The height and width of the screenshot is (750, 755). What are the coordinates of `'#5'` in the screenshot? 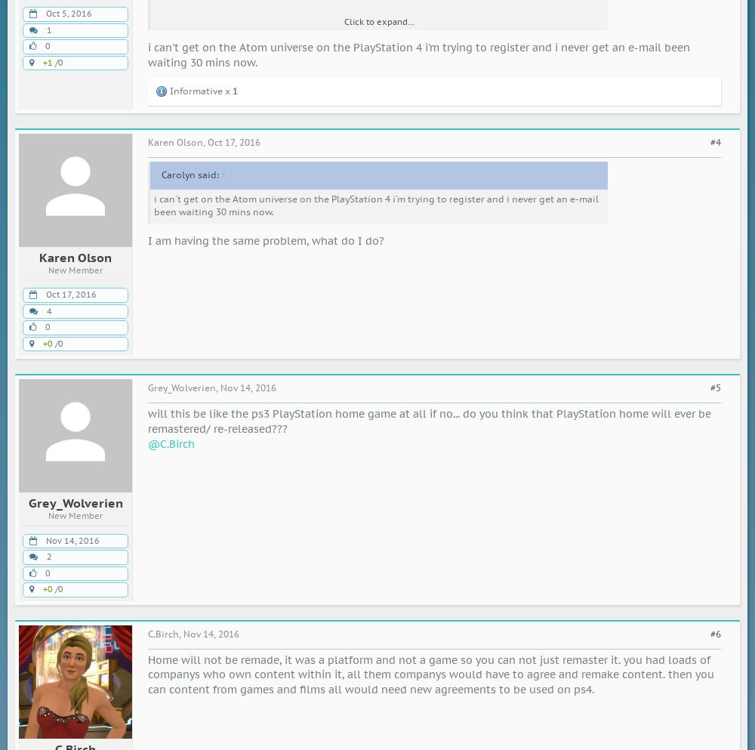 It's located at (715, 387).